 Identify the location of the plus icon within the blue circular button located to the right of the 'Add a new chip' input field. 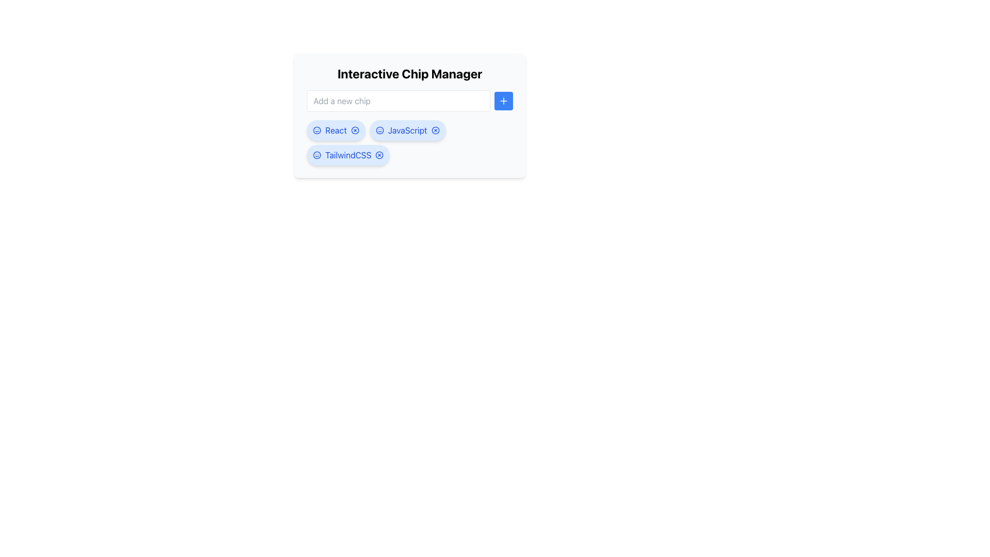
(504, 101).